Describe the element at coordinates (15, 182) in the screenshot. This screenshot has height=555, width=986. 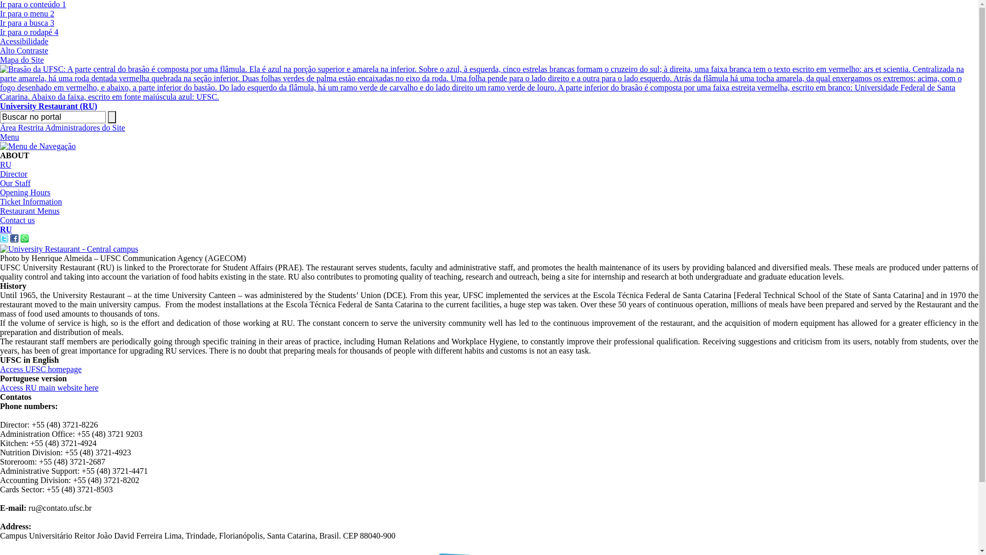
I see `'Our Staff'` at that location.